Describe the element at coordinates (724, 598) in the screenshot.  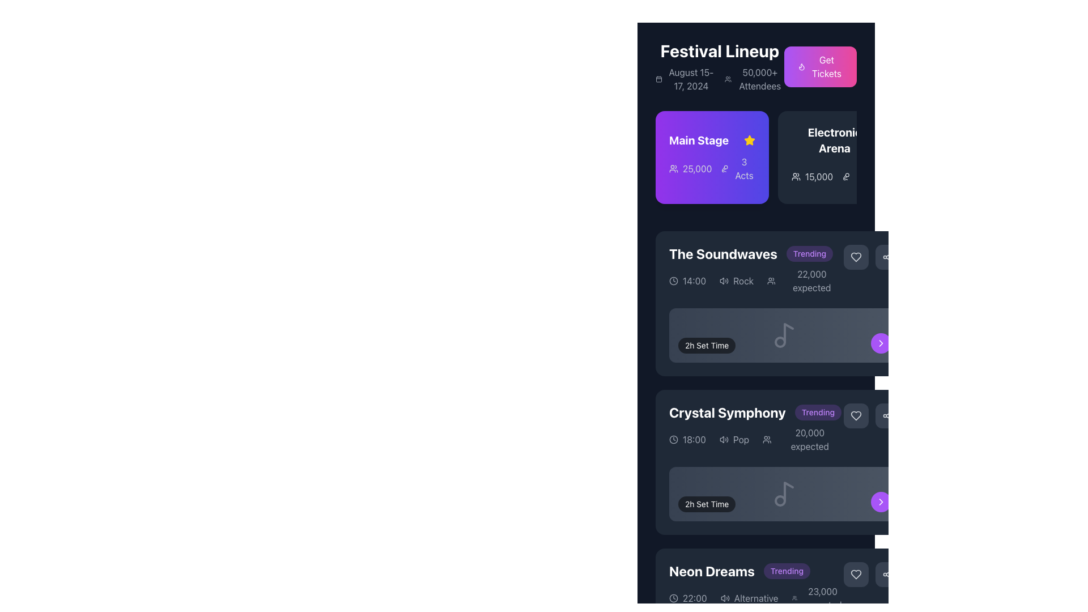
I see `the speaker icon that emits sound waves, which is located to the left of the text 'Alternative' in the 'Neon Dreams' event entry` at that location.